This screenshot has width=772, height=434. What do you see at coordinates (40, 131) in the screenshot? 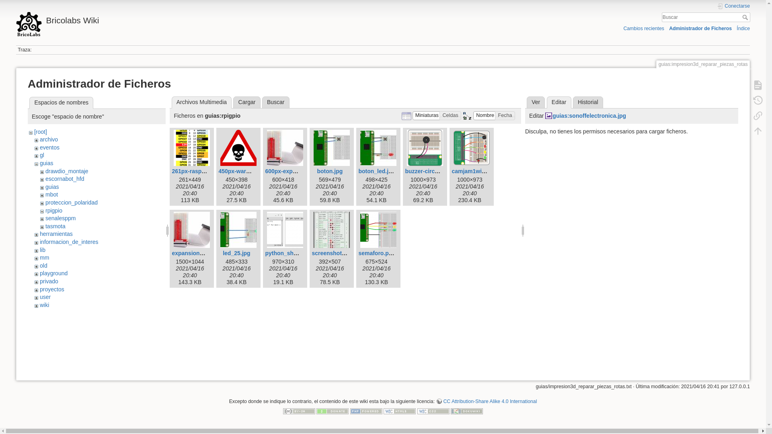
I see `'[root]'` at bounding box center [40, 131].